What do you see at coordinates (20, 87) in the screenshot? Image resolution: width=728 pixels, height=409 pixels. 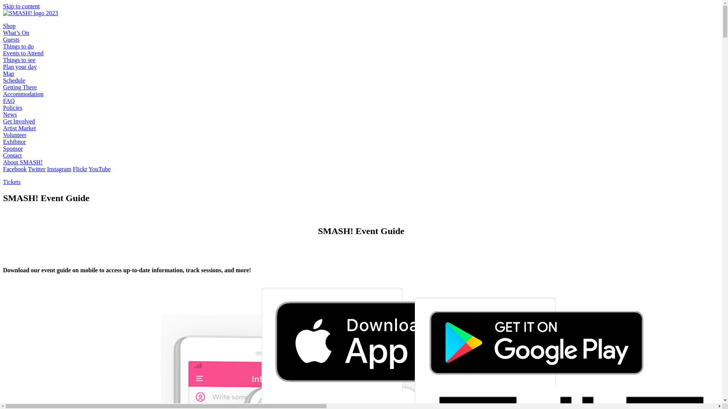 I see `'Getting There'` at bounding box center [20, 87].